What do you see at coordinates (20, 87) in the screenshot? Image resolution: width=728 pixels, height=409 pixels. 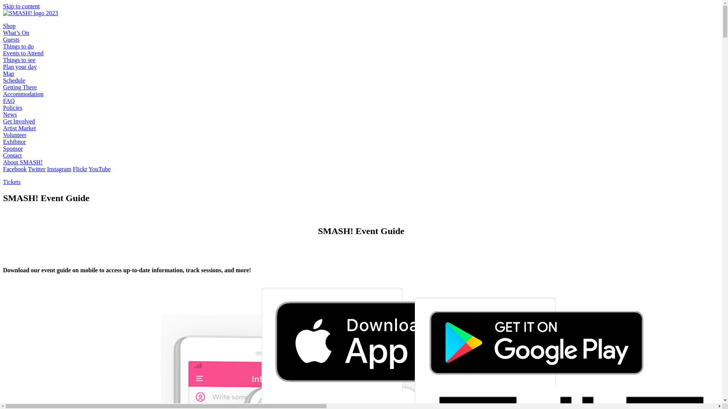 I see `'Getting There'` at bounding box center [20, 87].